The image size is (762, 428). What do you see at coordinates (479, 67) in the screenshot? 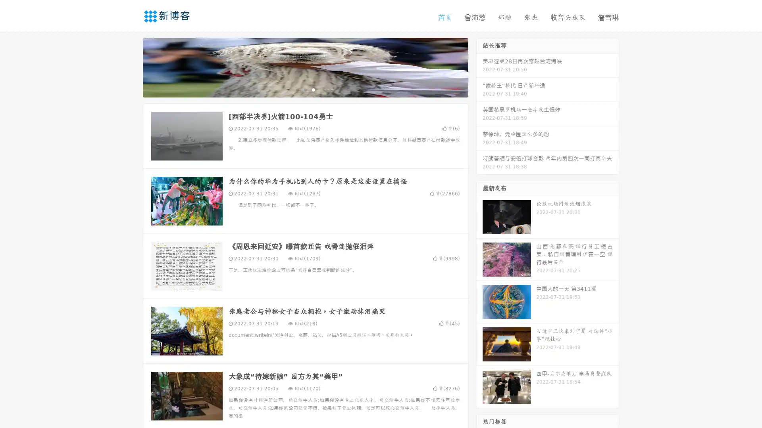
I see `Next slide` at bounding box center [479, 67].